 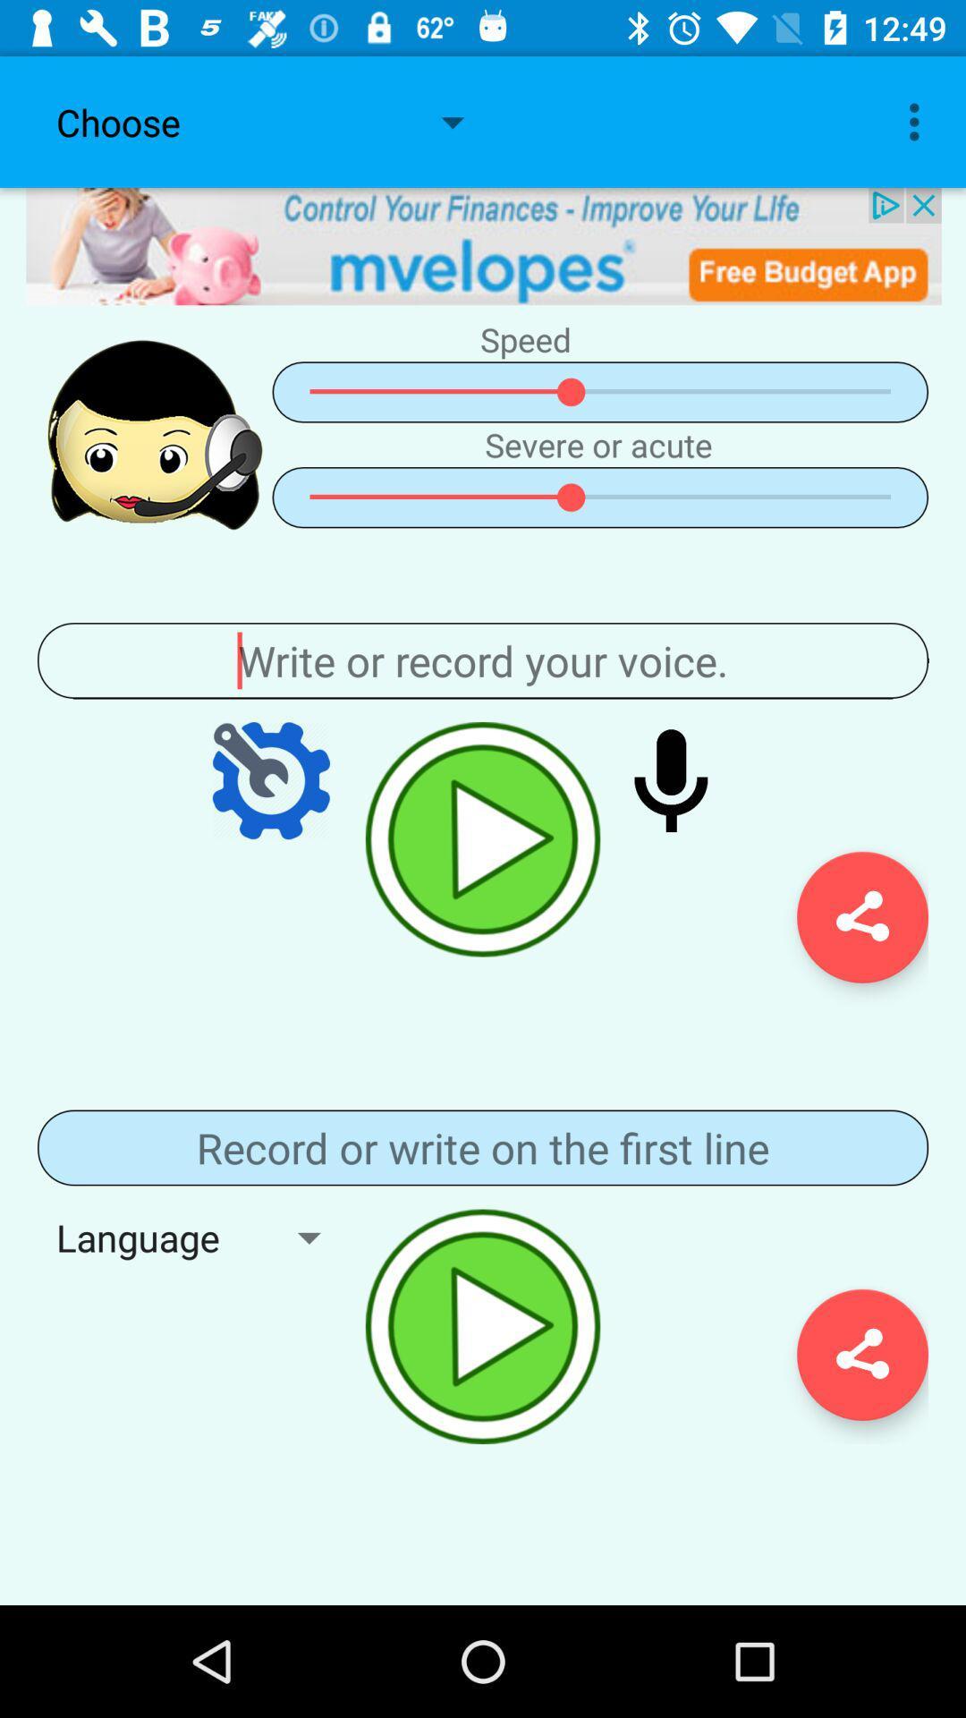 I want to click on record audio, so click(x=671, y=780).